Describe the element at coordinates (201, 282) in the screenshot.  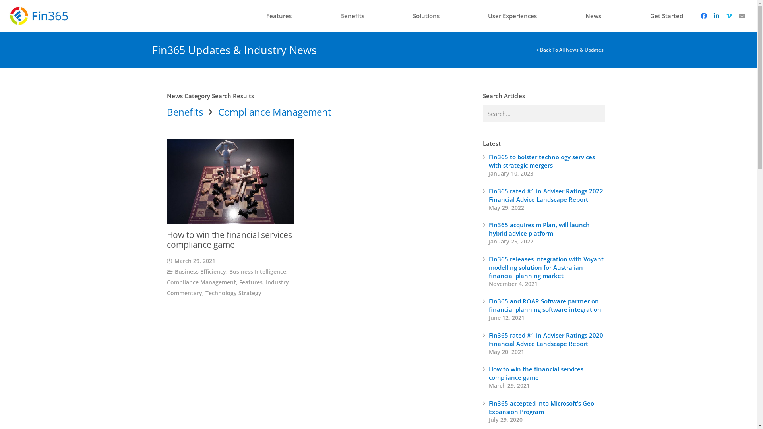
I see `'Compliance Management'` at that location.